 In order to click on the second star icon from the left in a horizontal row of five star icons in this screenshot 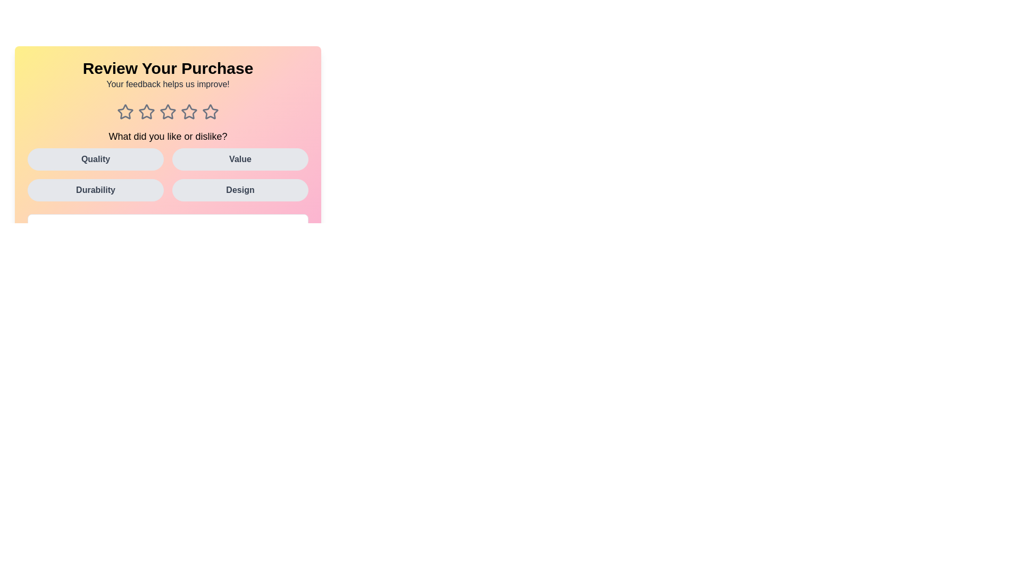, I will do `click(146, 112)`.